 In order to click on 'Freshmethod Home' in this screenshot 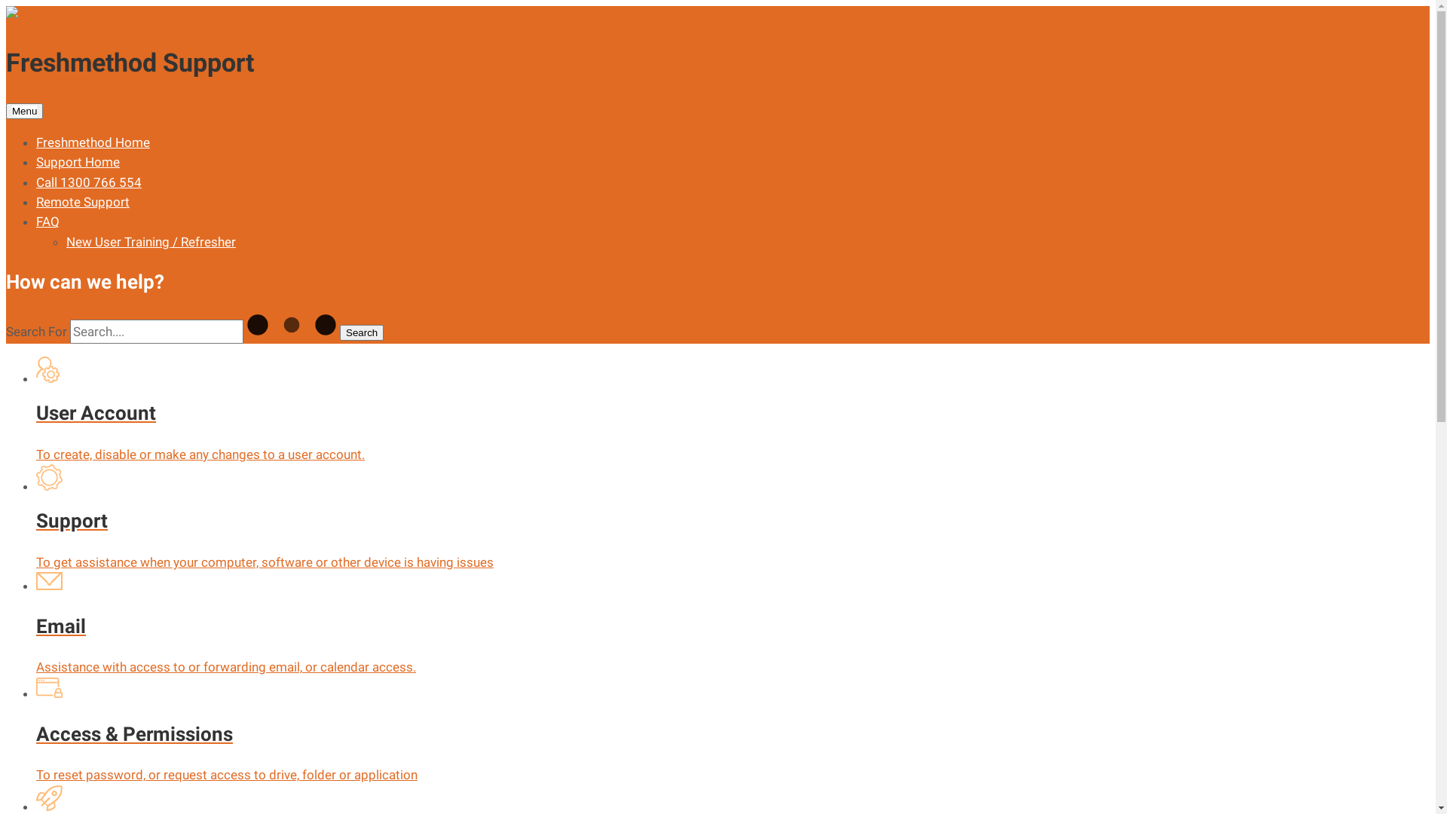, I will do `click(36, 142)`.